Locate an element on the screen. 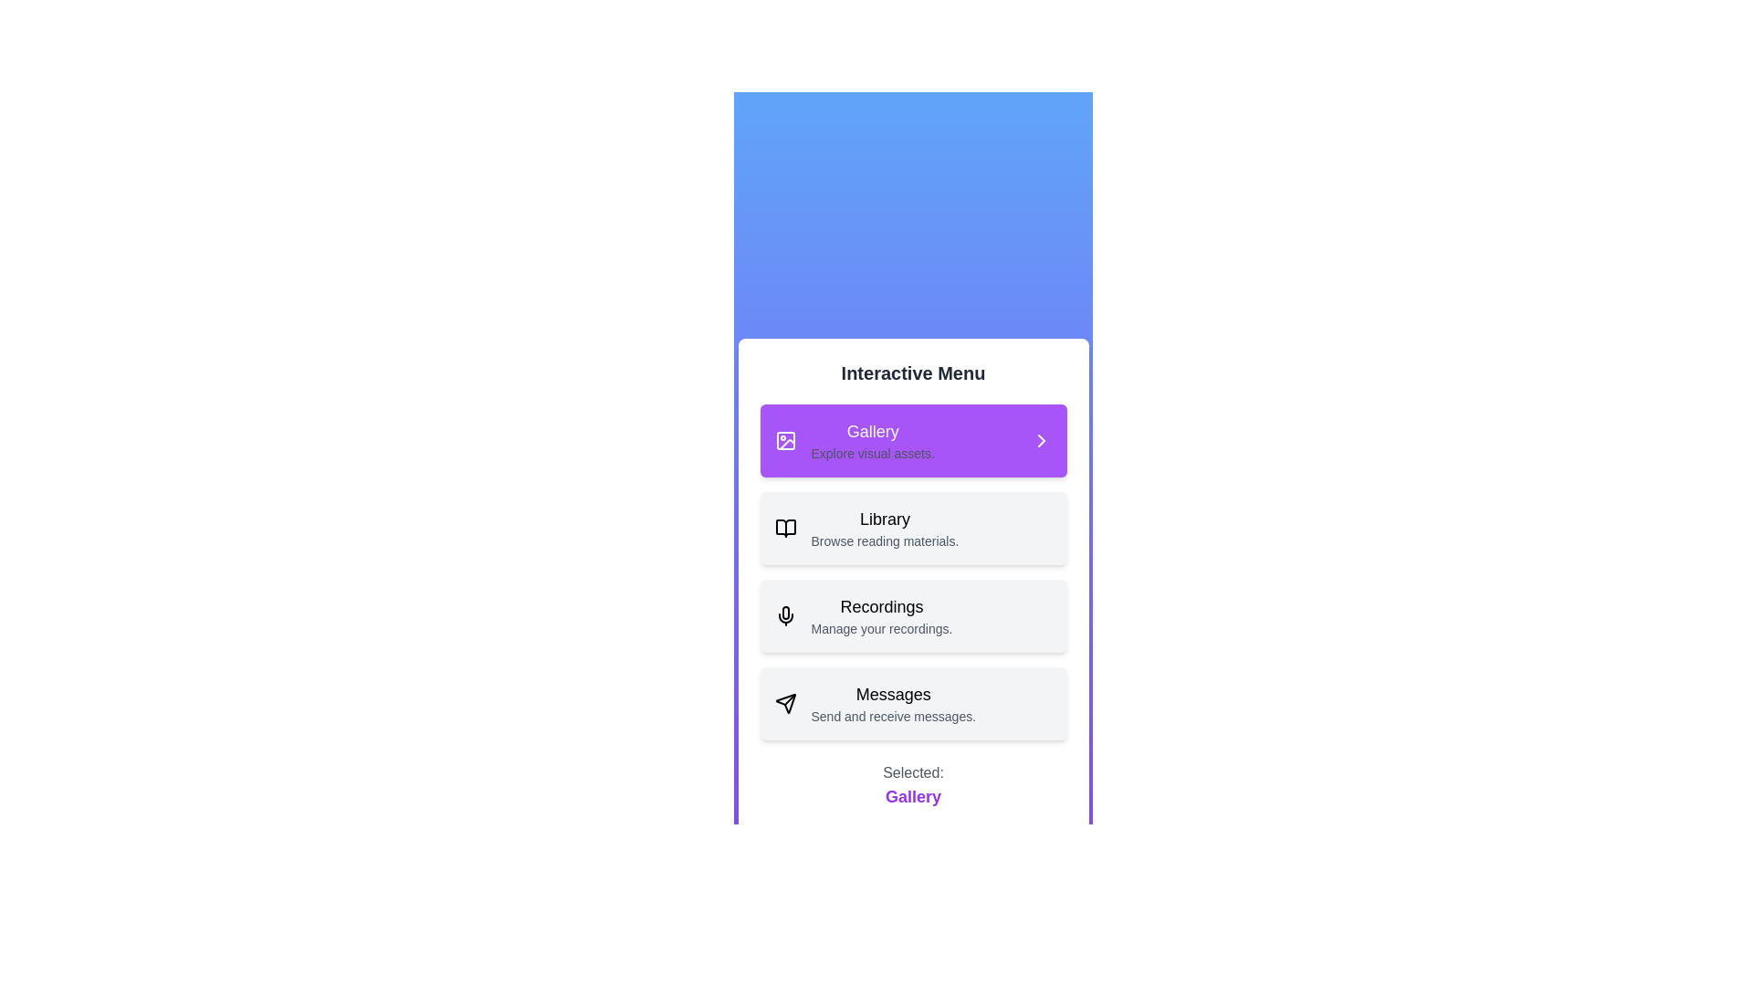  the menu item Recordings is located at coordinates (913, 616).